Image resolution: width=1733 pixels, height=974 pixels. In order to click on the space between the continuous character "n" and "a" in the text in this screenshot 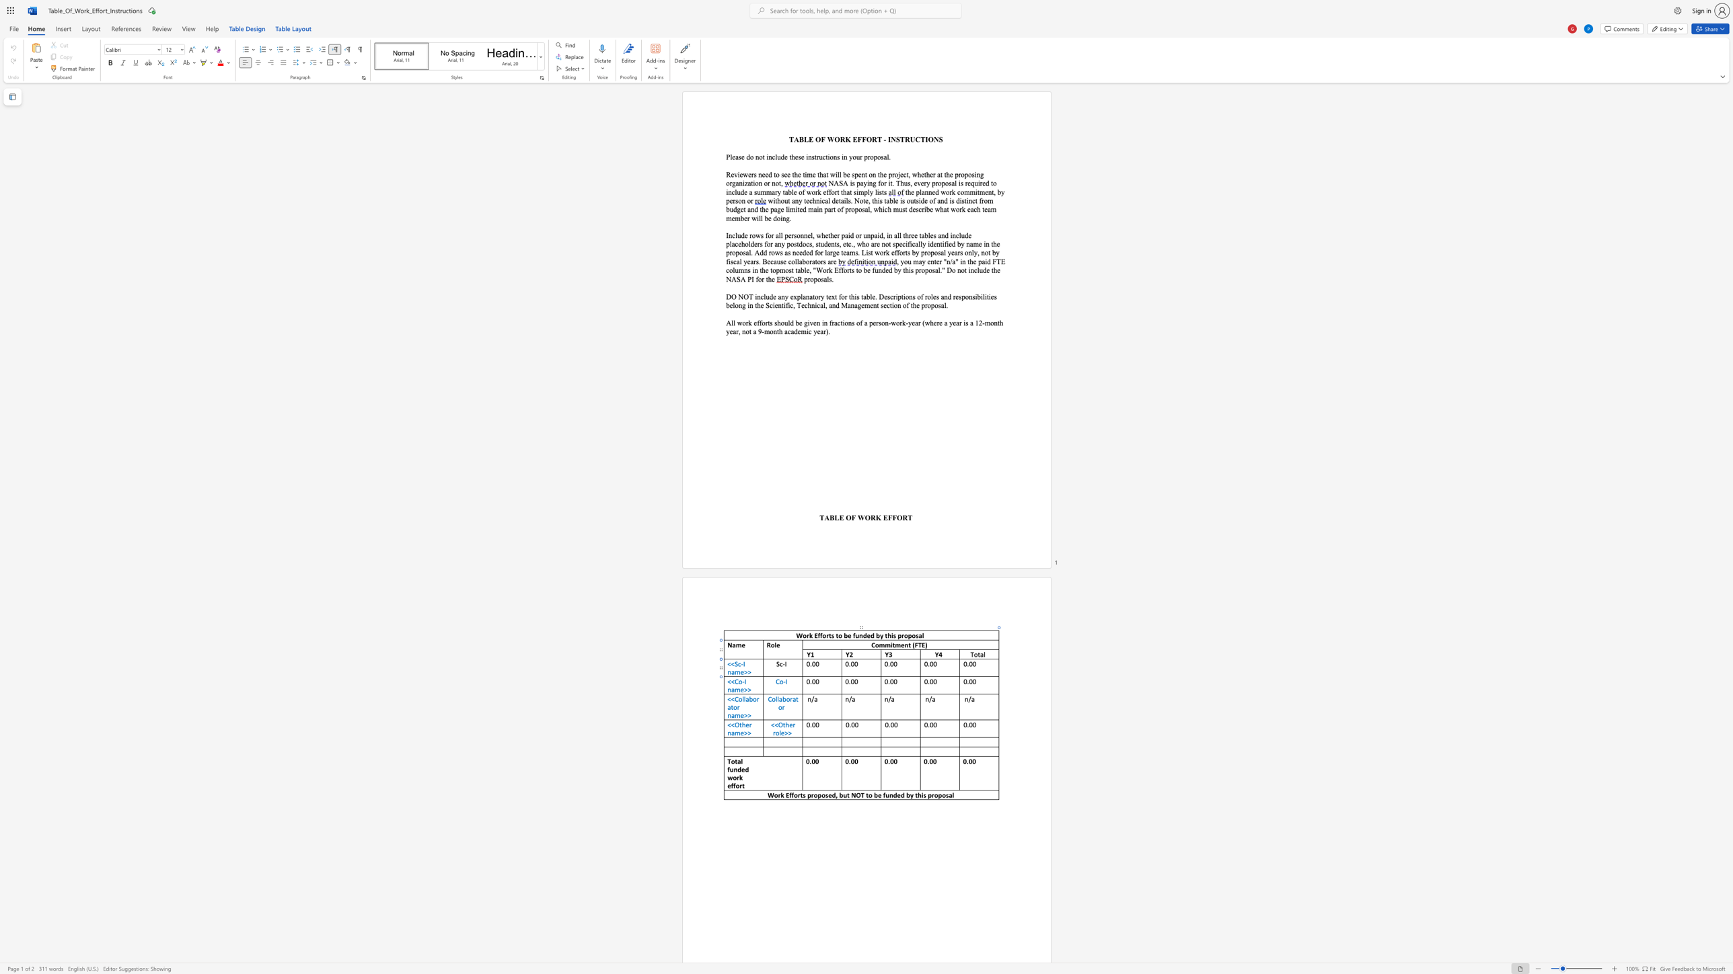, I will do `click(731, 690)`.